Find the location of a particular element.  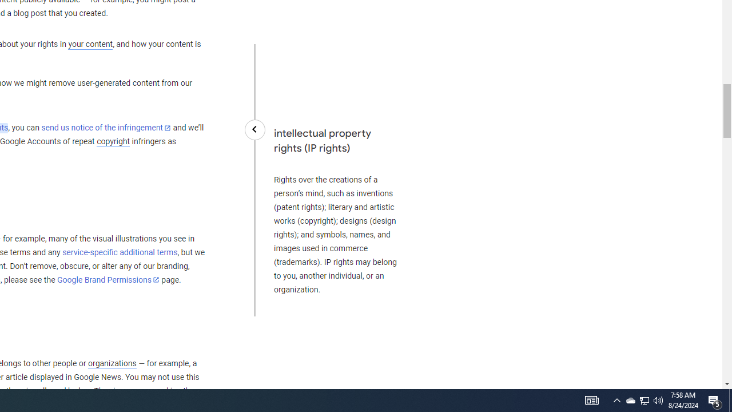

'Google Brand Permissions' is located at coordinates (108, 280).